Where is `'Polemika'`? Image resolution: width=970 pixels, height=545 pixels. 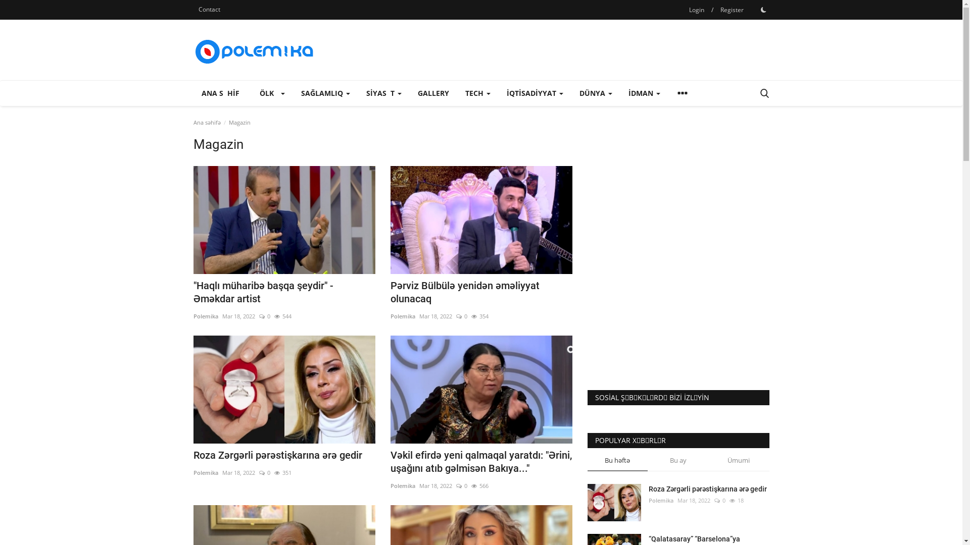 'Polemika' is located at coordinates (205, 316).